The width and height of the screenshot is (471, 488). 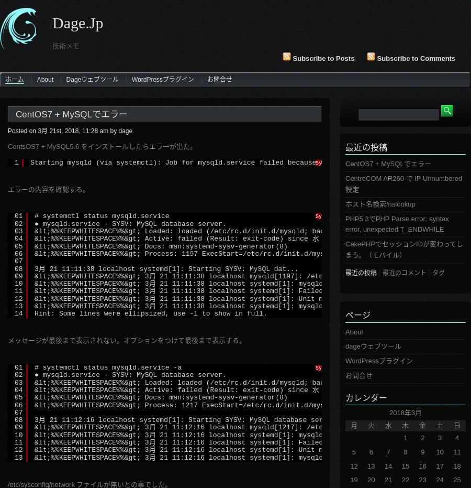 What do you see at coordinates (249, 449) in the screenshot?
I see `'&lt;%%KEEPWHITESPACE%%&gt; 3月 21 11:12:16 localhost systemd[1]: Unit mysqld.service entered failed state.'` at bounding box center [249, 449].